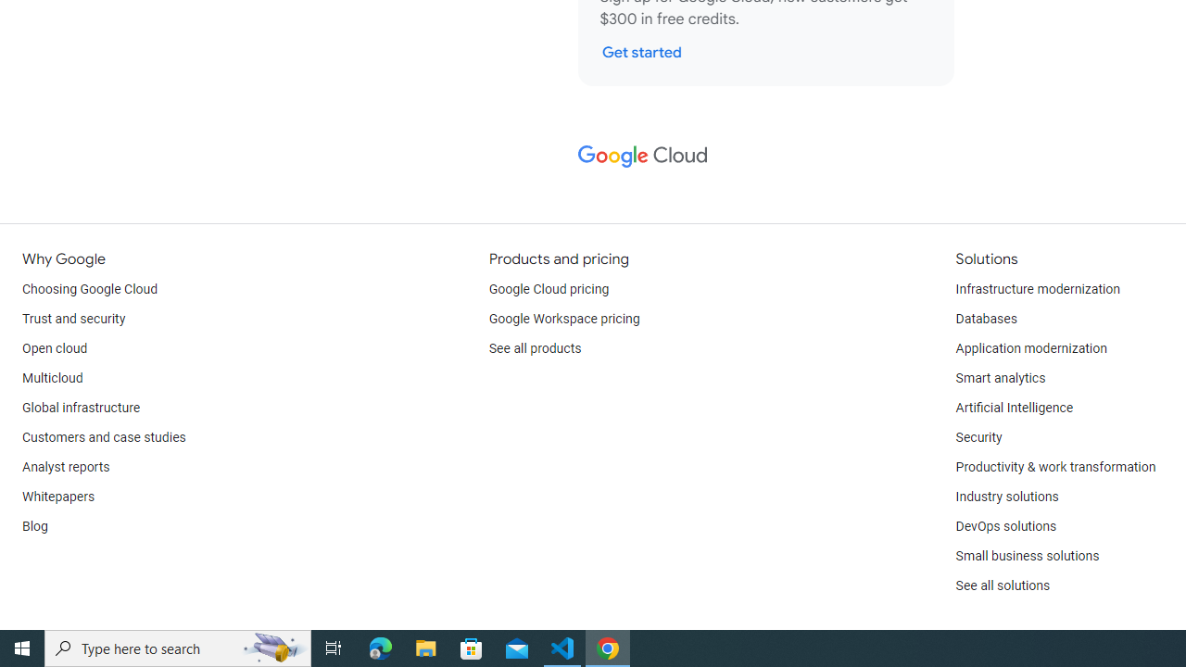 The width and height of the screenshot is (1186, 667). I want to click on 'See all solutions', so click(1002, 585).